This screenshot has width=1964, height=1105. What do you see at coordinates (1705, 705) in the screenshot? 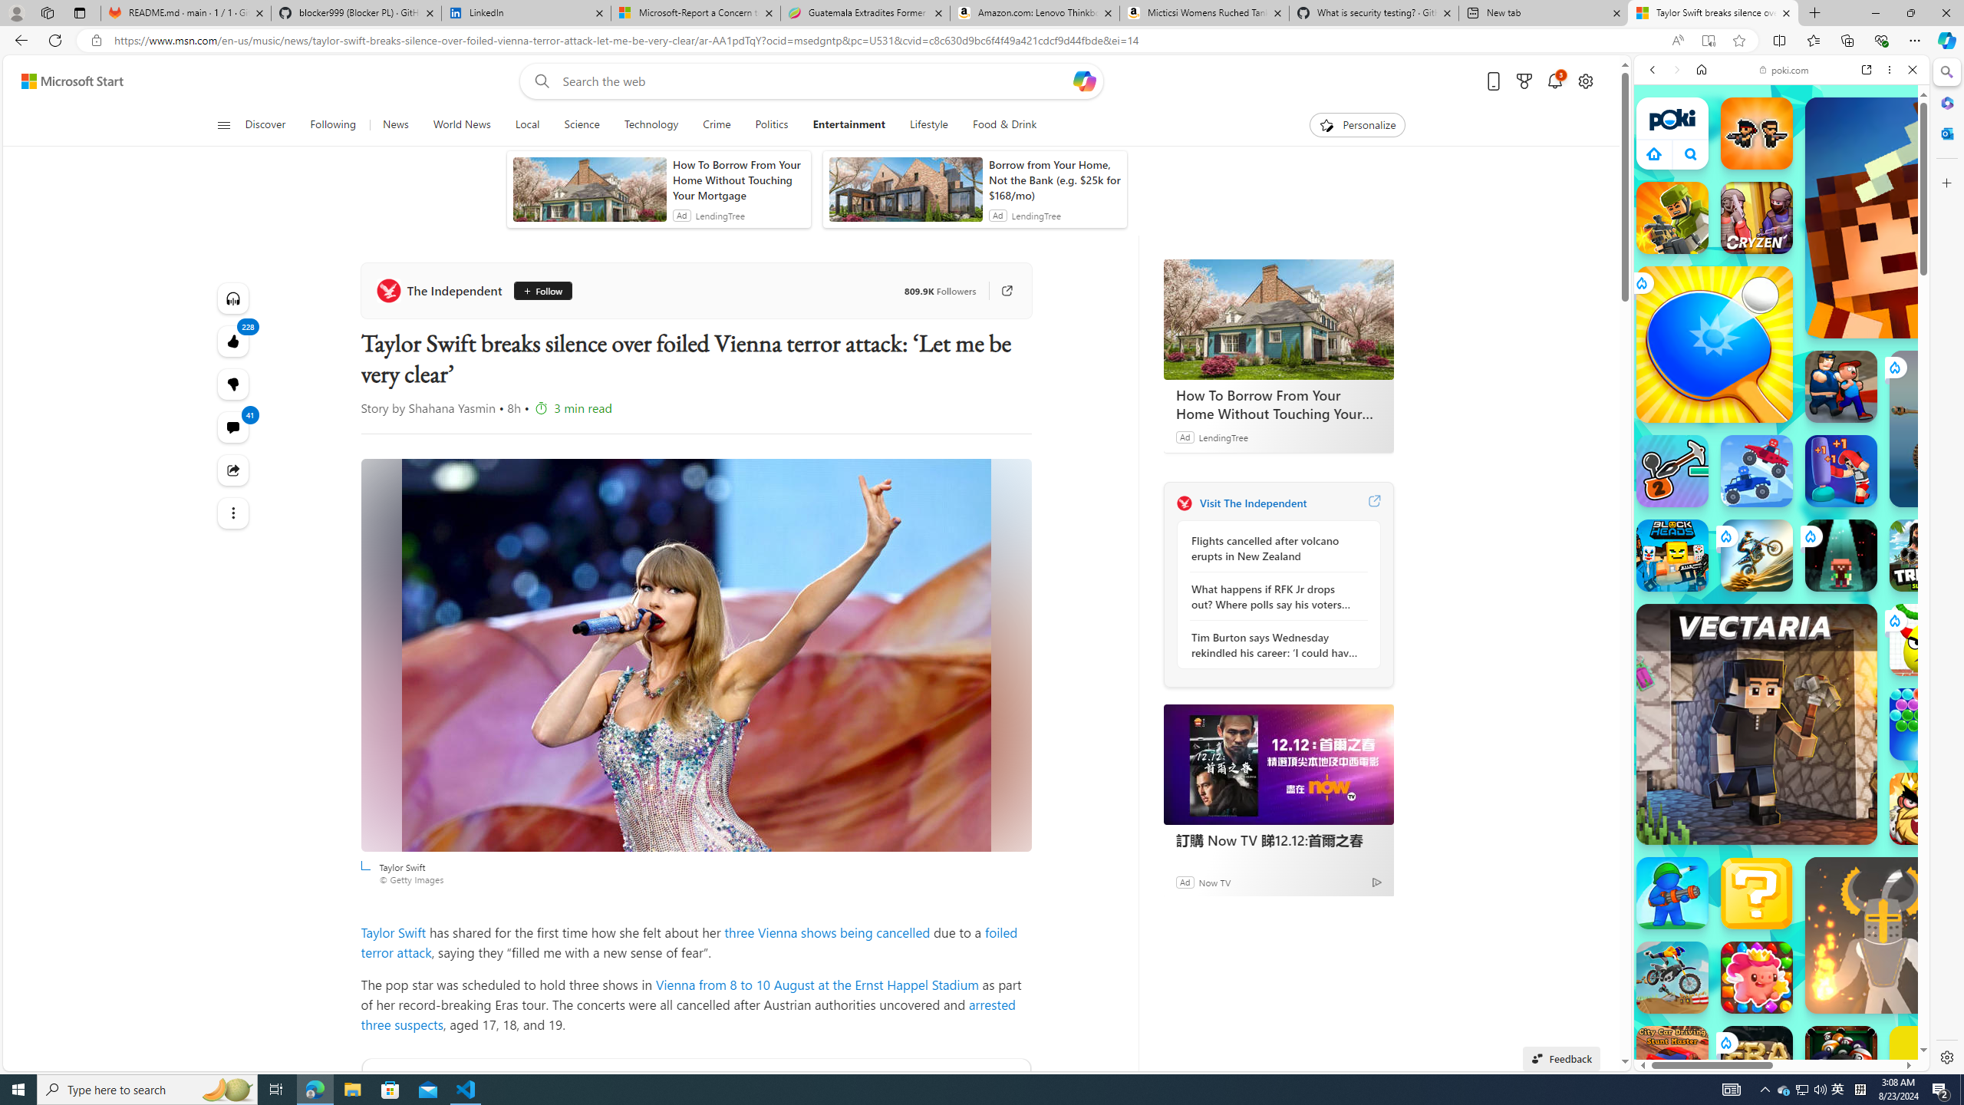
I see `'Hills of Steel'` at bounding box center [1705, 705].